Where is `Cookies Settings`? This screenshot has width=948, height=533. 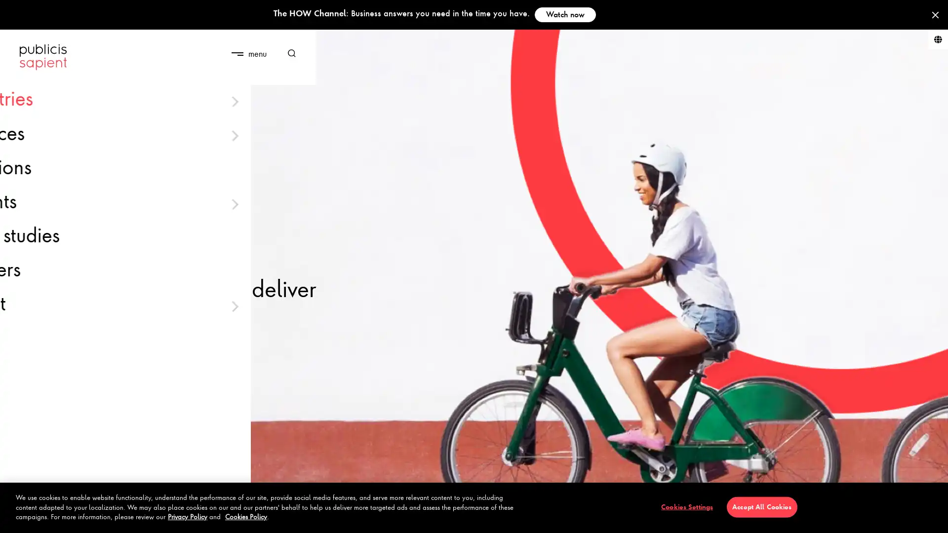
Cookies Settings is located at coordinates (686, 506).